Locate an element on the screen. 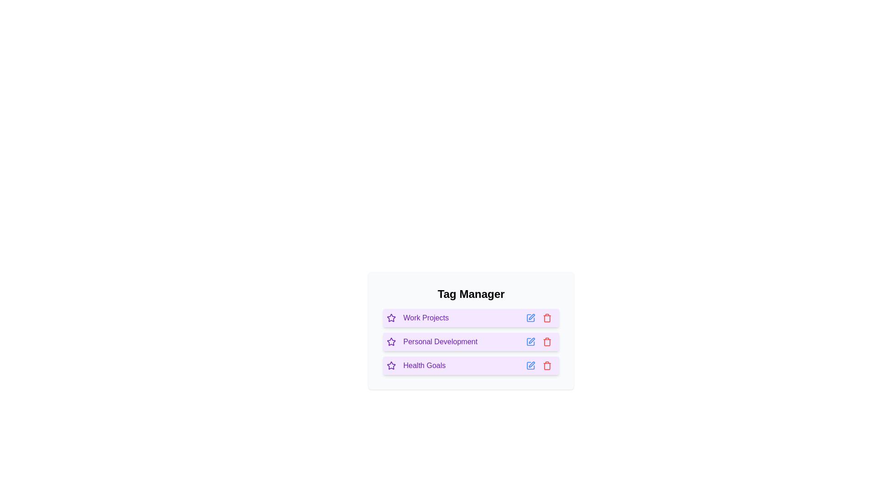 Image resolution: width=880 pixels, height=495 pixels. edit button for the tag named Personal Development is located at coordinates (530, 341).